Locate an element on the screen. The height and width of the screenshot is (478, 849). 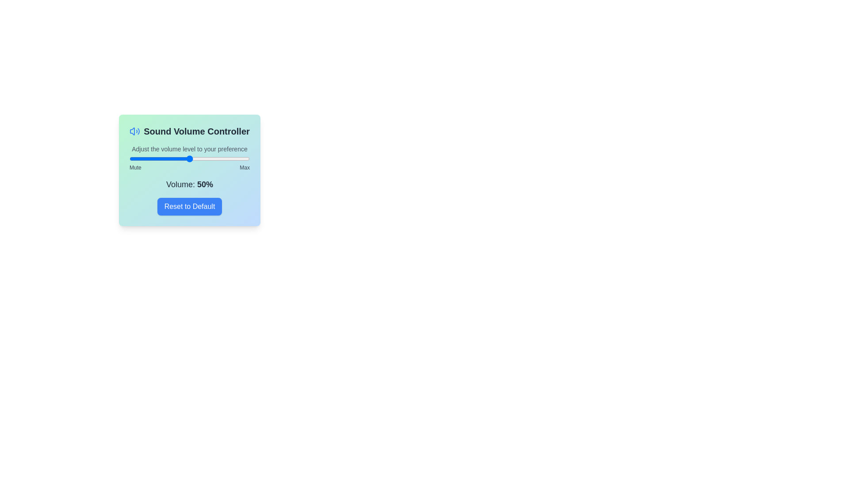
the volume to 18 percent by dragging the slider is located at coordinates (151, 158).